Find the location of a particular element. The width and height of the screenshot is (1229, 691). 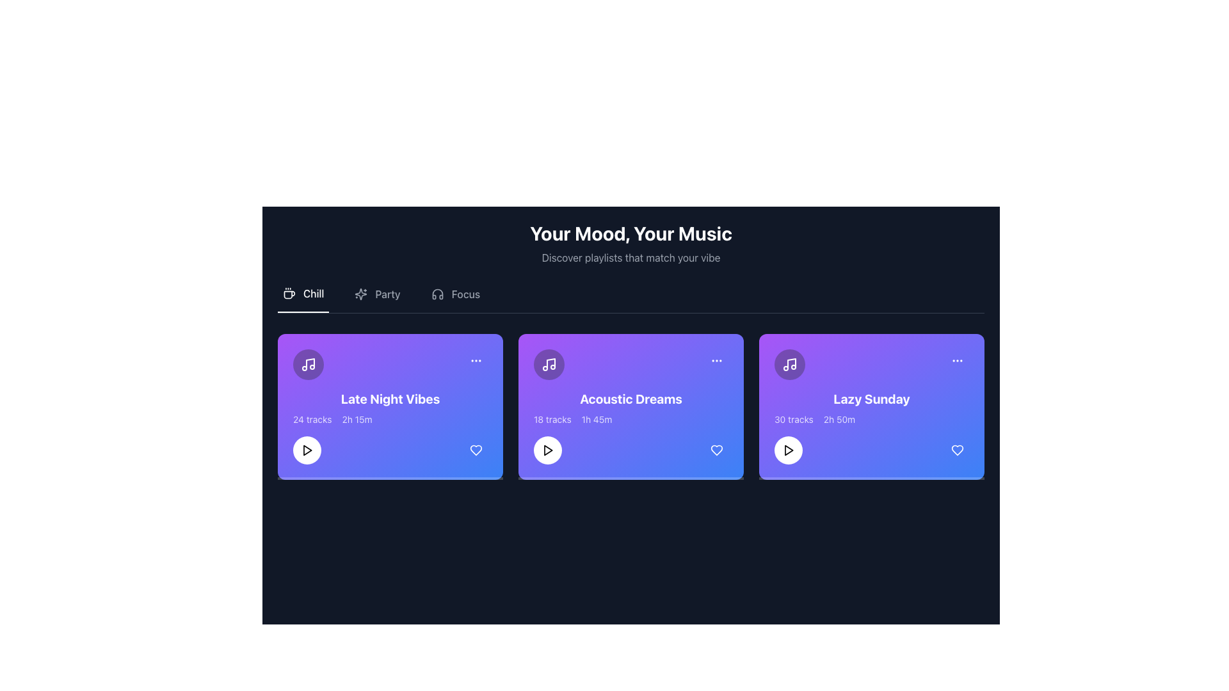

duration information displayed in the Text label indicating the total duration of the playlist labeled 'Acoustic Dreams', which is located in the second card from the left, as the second text element to the right of the '18 tracks' text is located at coordinates (596, 419).